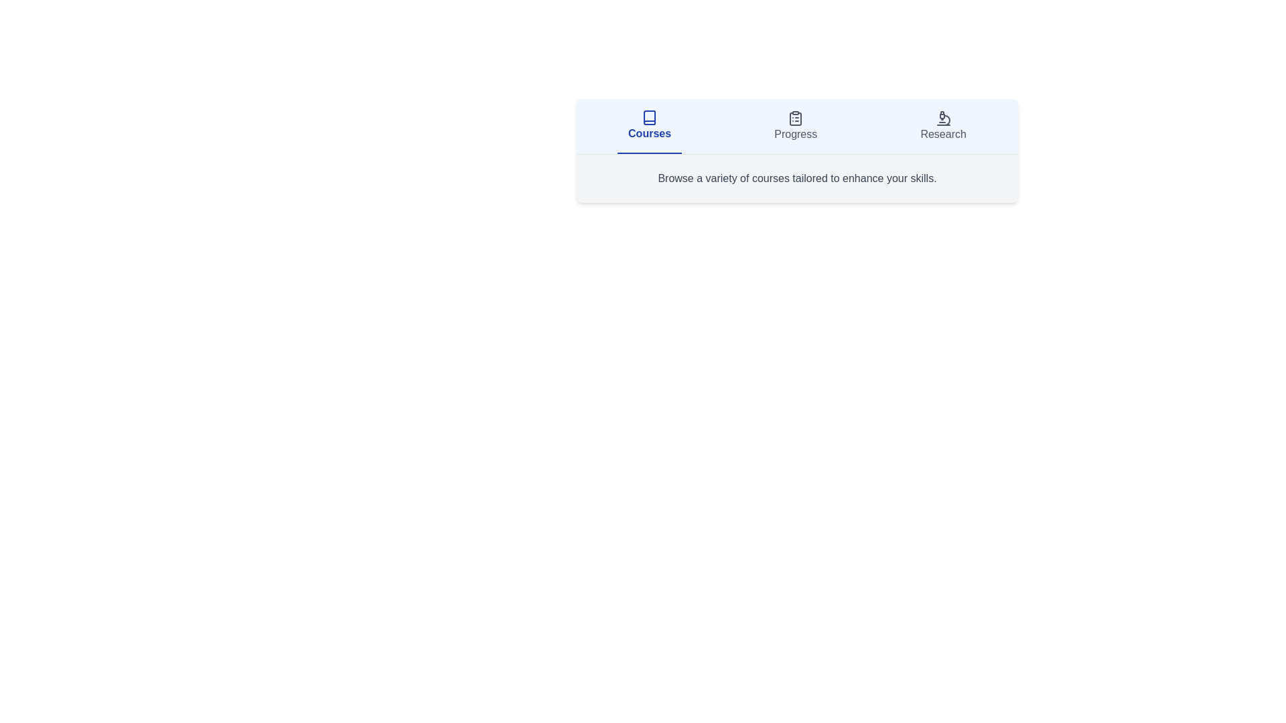 The image size is (1286, 723). What do you see at coordinates (796, 127) in the screenshot?
I see `the tab labeled Progress` at bounding box center [796, 127].